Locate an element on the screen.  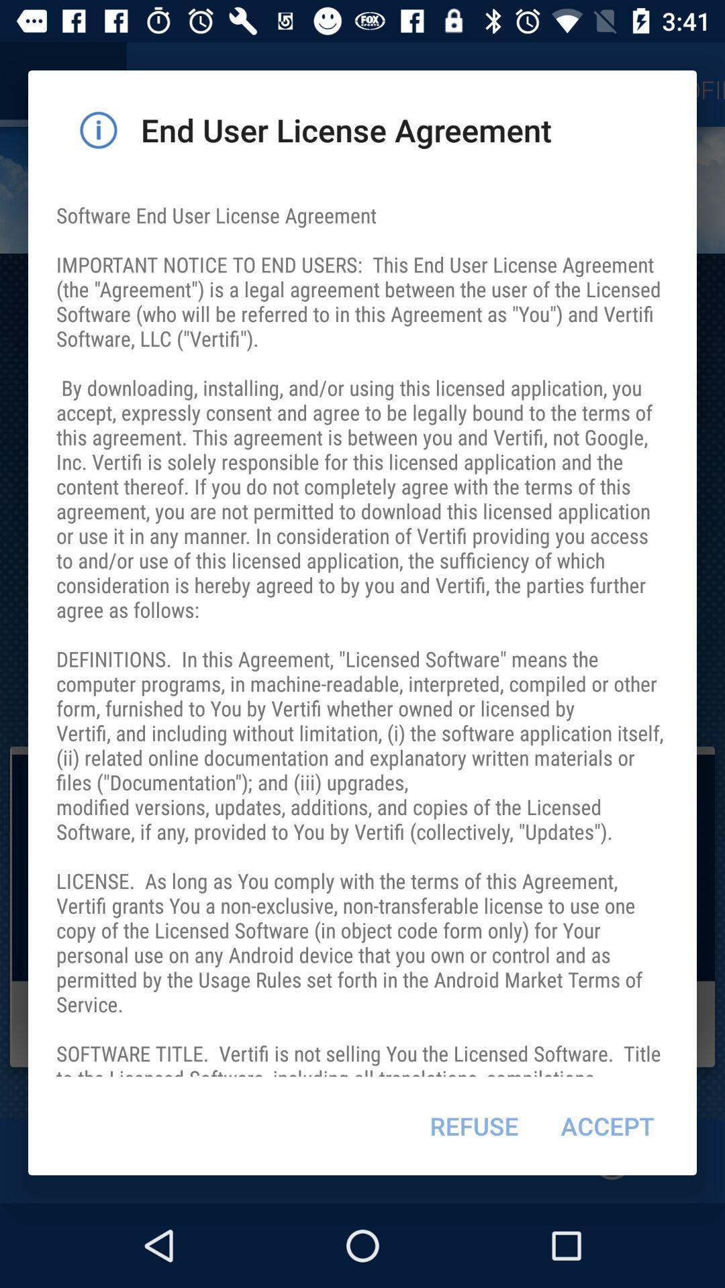
the accept icon is located at coordinates (608, 1126).